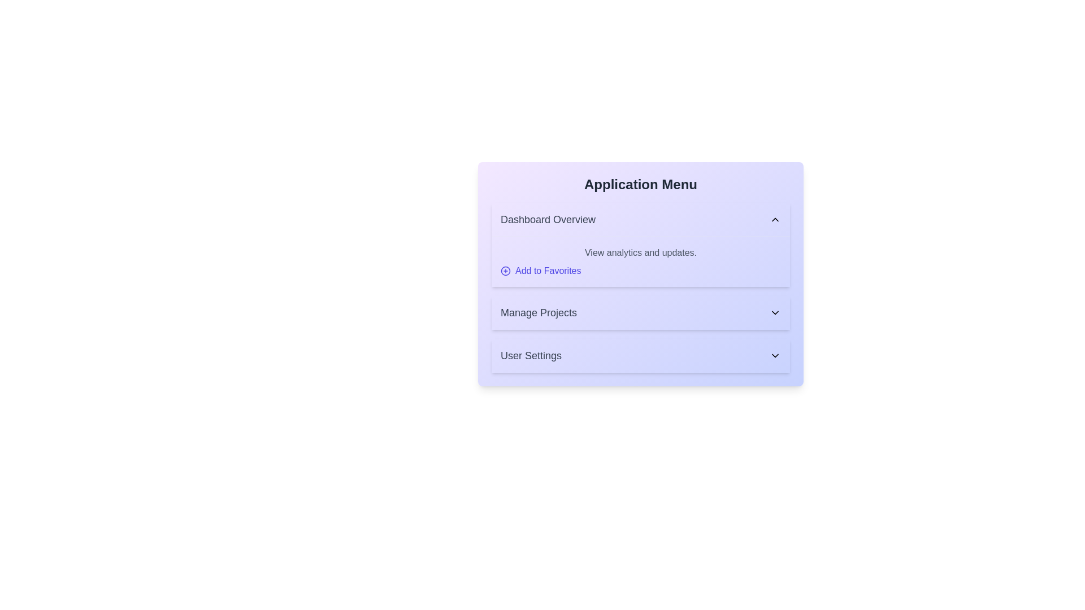 The width and height of the screenshot is (1085, 610). What do you see at coordinates (540, 271) in the screenshot?
I see `the 'Add to Favorites' button` at bounding box center [540, 271].